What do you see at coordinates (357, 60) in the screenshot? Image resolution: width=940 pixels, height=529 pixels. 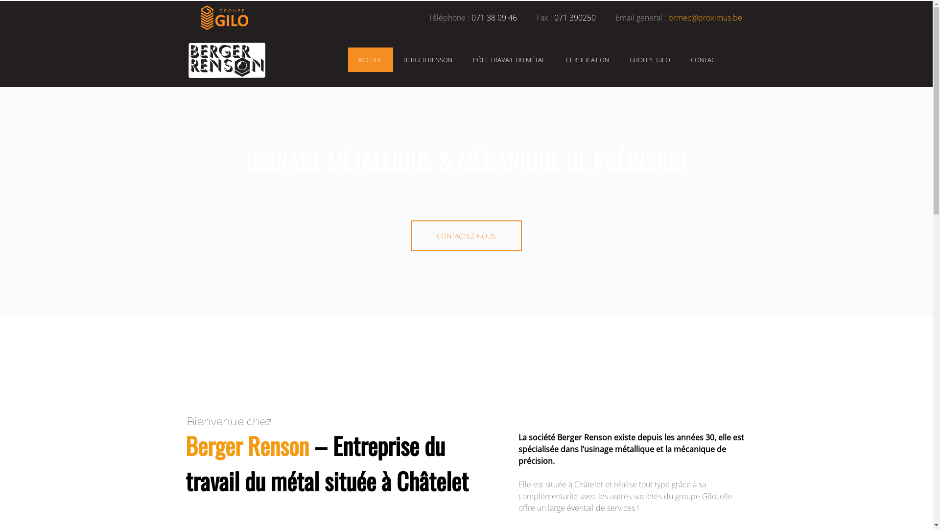 I see `'ACCUEIL'` at bounding box center [357, 60].